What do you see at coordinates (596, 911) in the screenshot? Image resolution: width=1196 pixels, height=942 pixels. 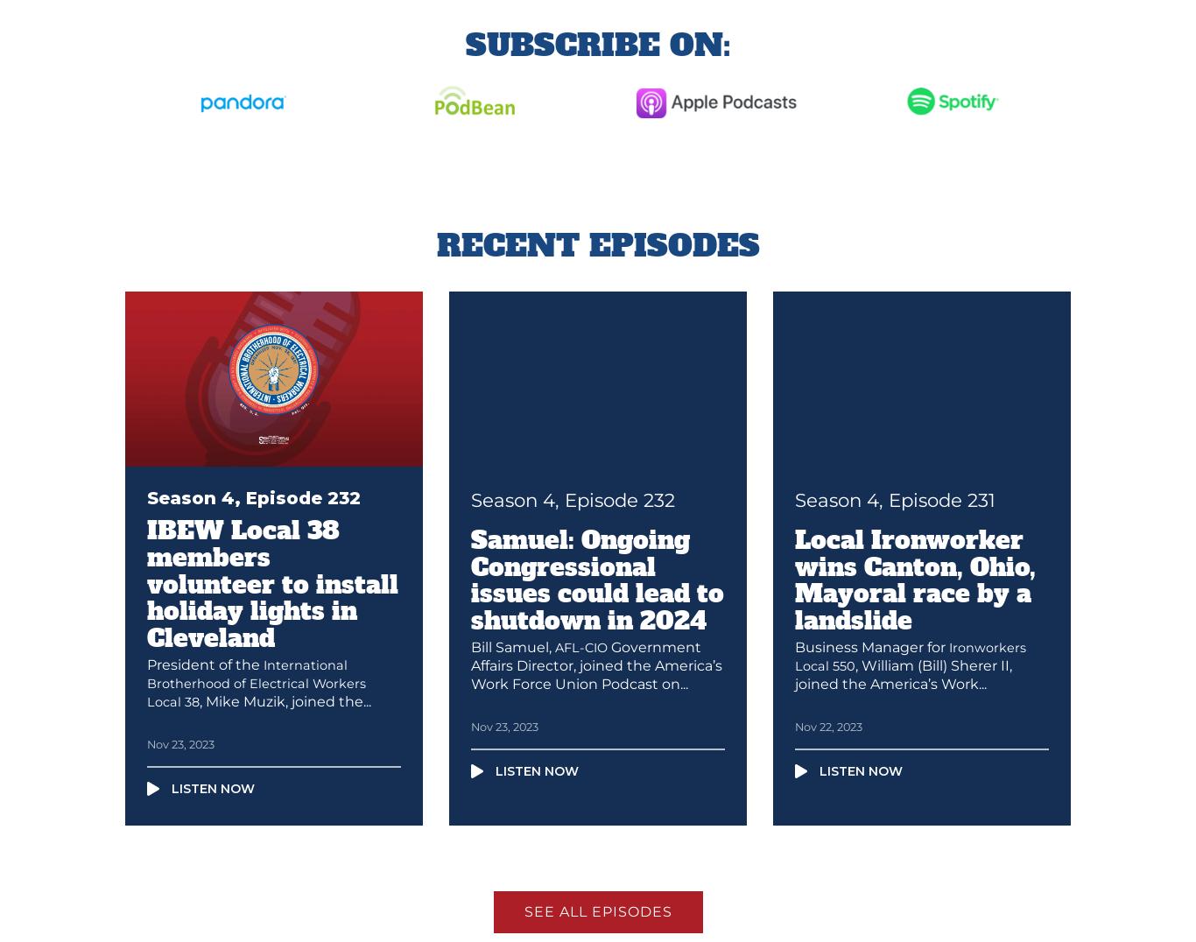 I see `'SEE ALL EPISODES'` at bounding box center [596, 911].